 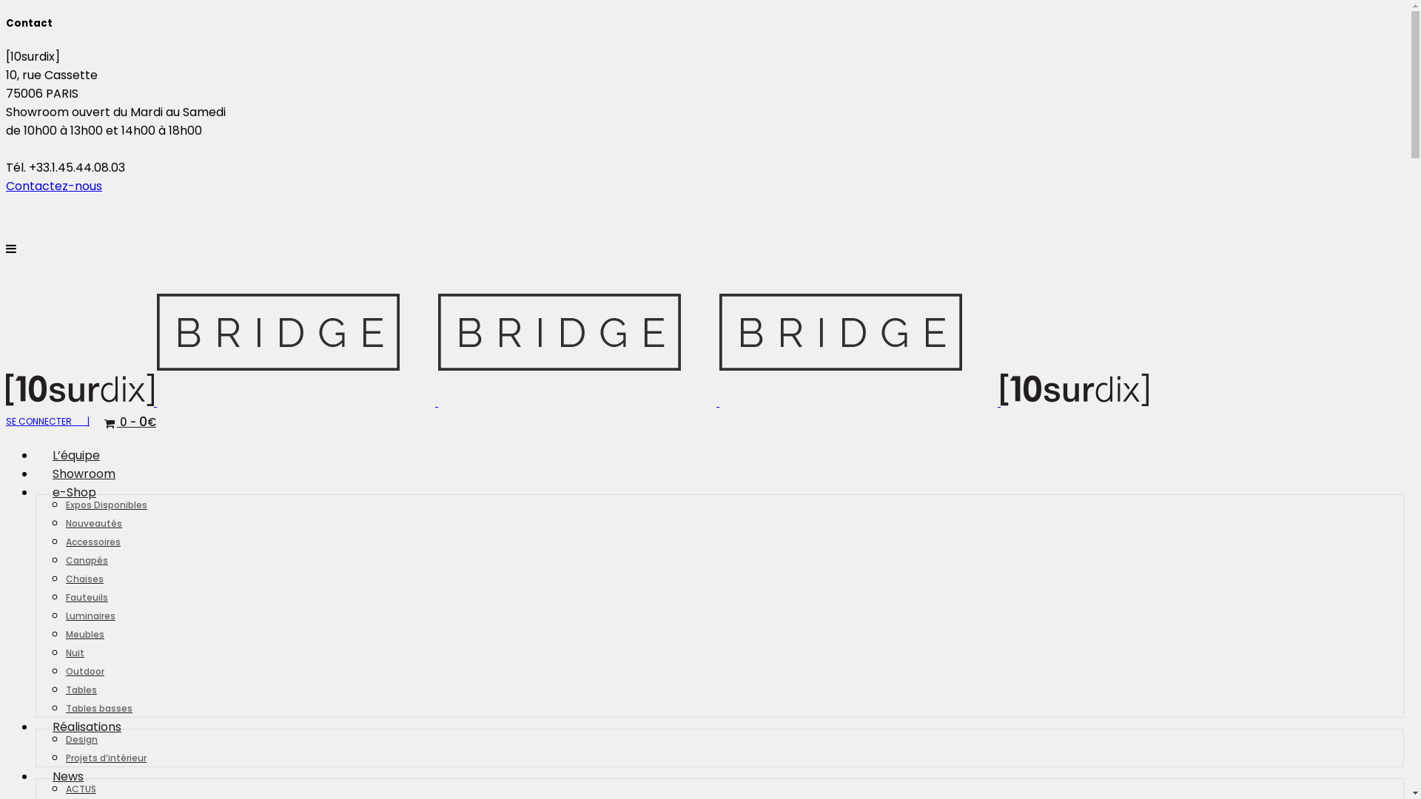 What do you see at coordinates (65, 651) in the screenshot?
I see `'Nuit'` at bounding box center [65, 651].